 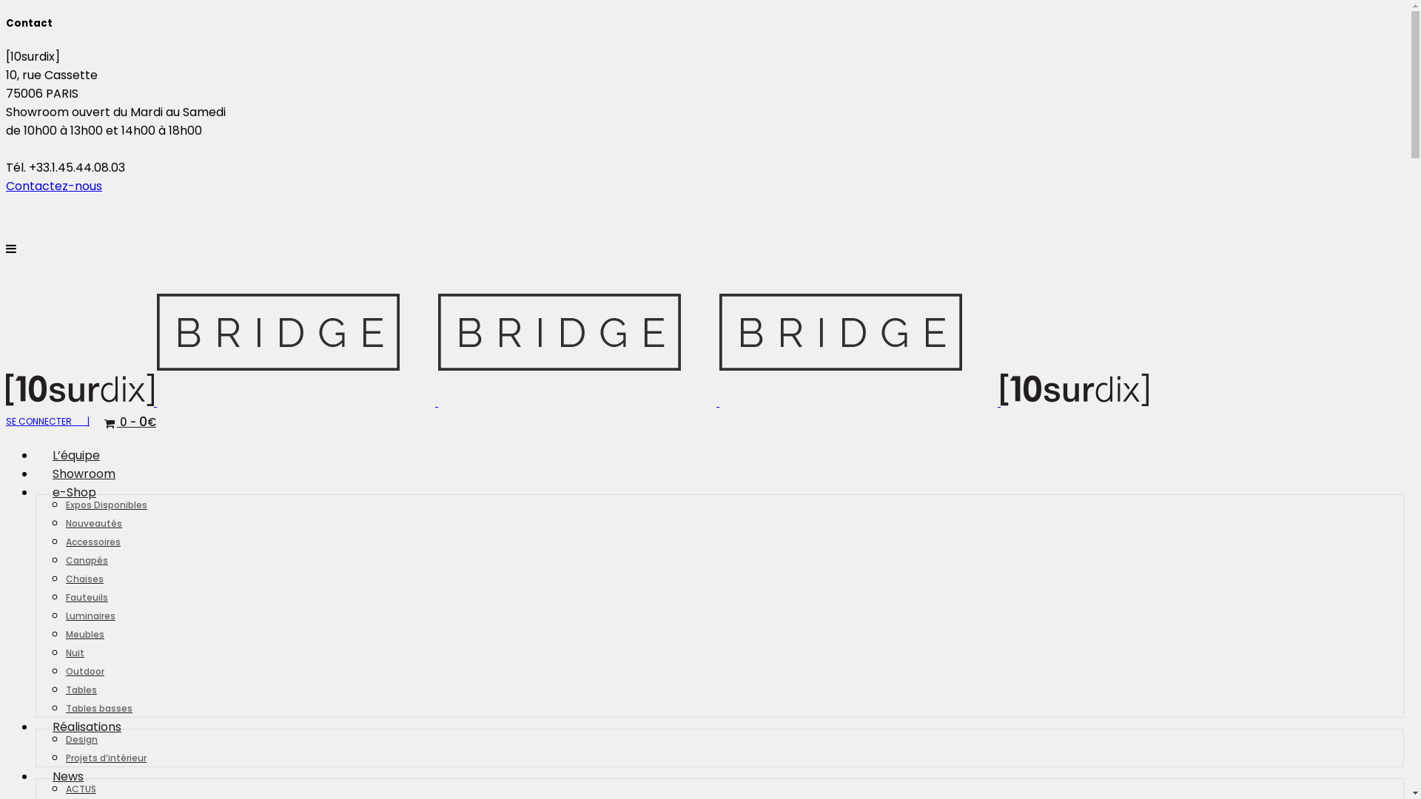 What do you see at coordinates (65, 651) in the screenshot?
I see `'Nuit'` at bounding box center [65, 651].